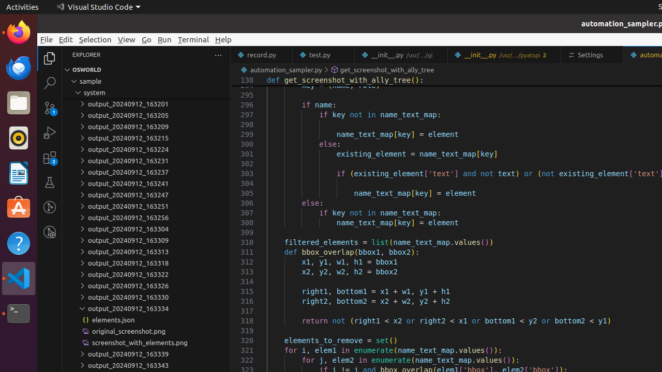 The width and height of the screenshot is (662, 372). What do you see at coordinates (65, 39) in the screenshot?
I see `'Edit'` at bounding box center [65, 39].